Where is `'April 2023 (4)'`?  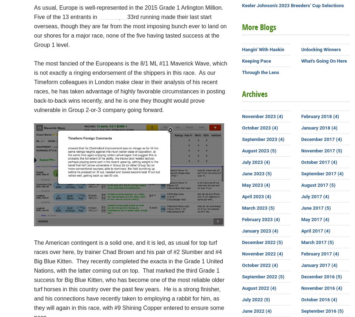
'April 2023 (4)' is located at coordinates (256, 196).